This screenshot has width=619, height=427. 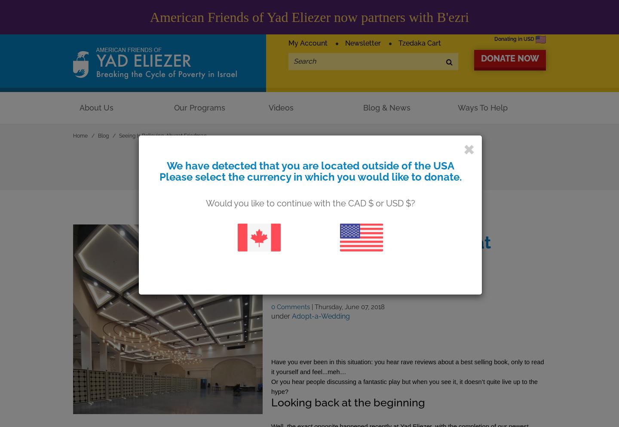 What do you see at coordinates (362, 43) in the screenshot?
I see `'Newsletter'` at bounding box center [362, 43].